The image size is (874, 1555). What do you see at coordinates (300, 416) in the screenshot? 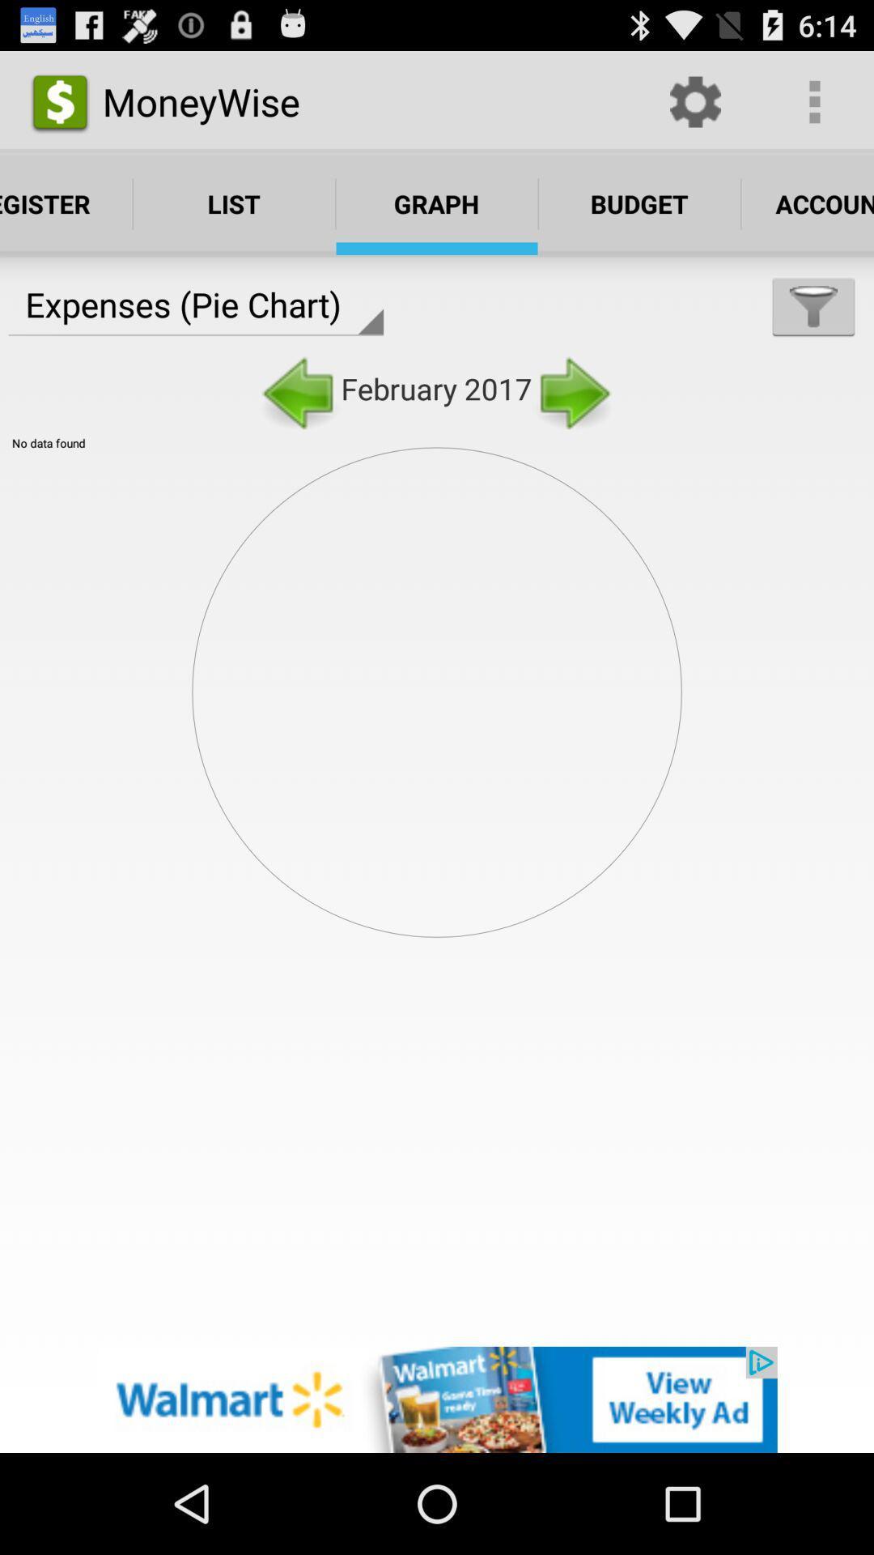
I see `the arrow_backward icon` at bounding box center [300, 416].